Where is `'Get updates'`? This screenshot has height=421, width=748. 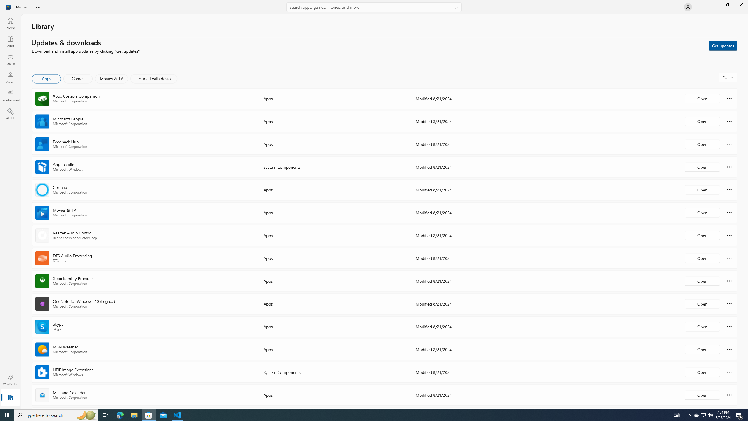 'Get updates' is located at coordinates (723, 45).